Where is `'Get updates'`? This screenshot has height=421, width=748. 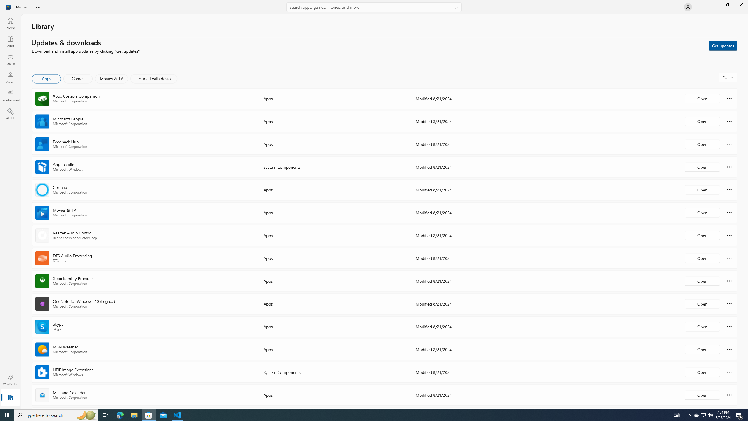 'Get updates' is located at coordinates (723, 45).